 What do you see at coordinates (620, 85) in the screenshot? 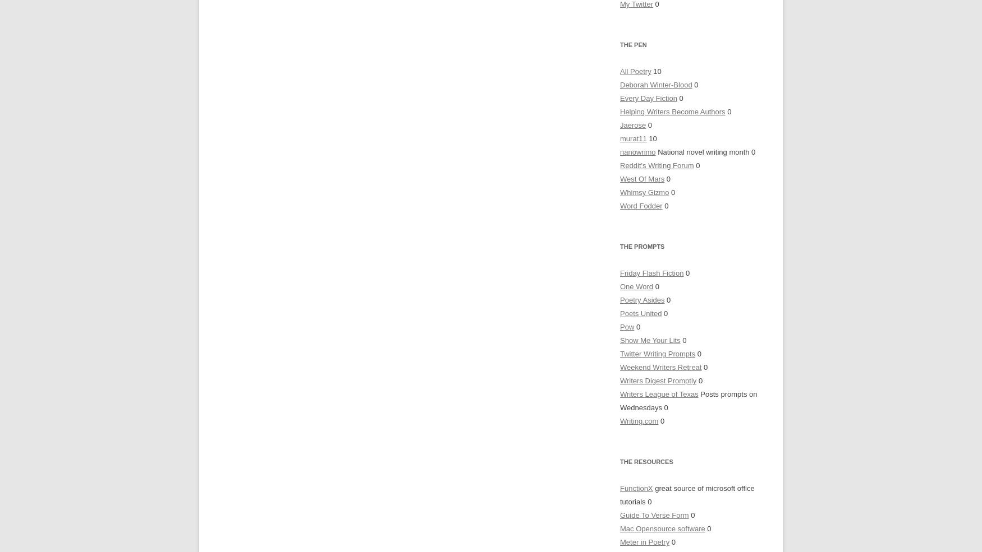
I see `'Deborah Winter-Blood'` at bounding box center [620, 85].